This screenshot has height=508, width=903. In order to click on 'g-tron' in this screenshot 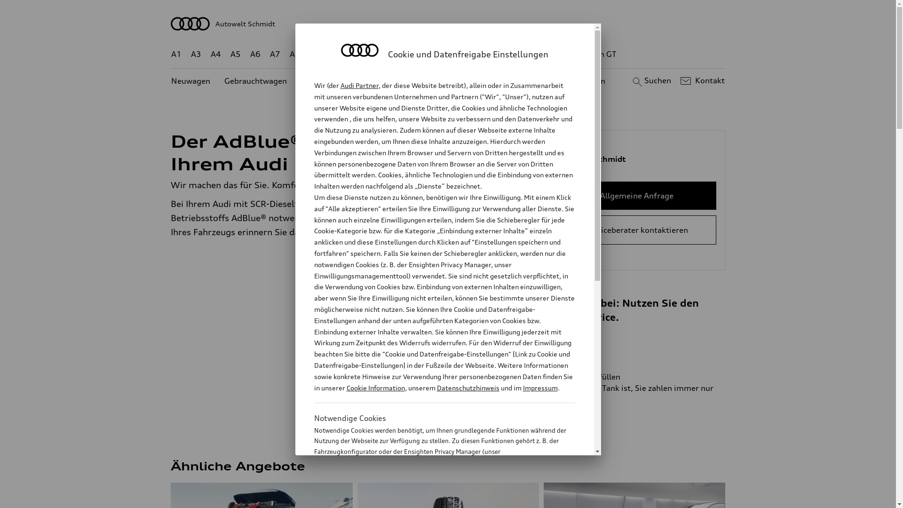, I will do `click(560, 54)`.